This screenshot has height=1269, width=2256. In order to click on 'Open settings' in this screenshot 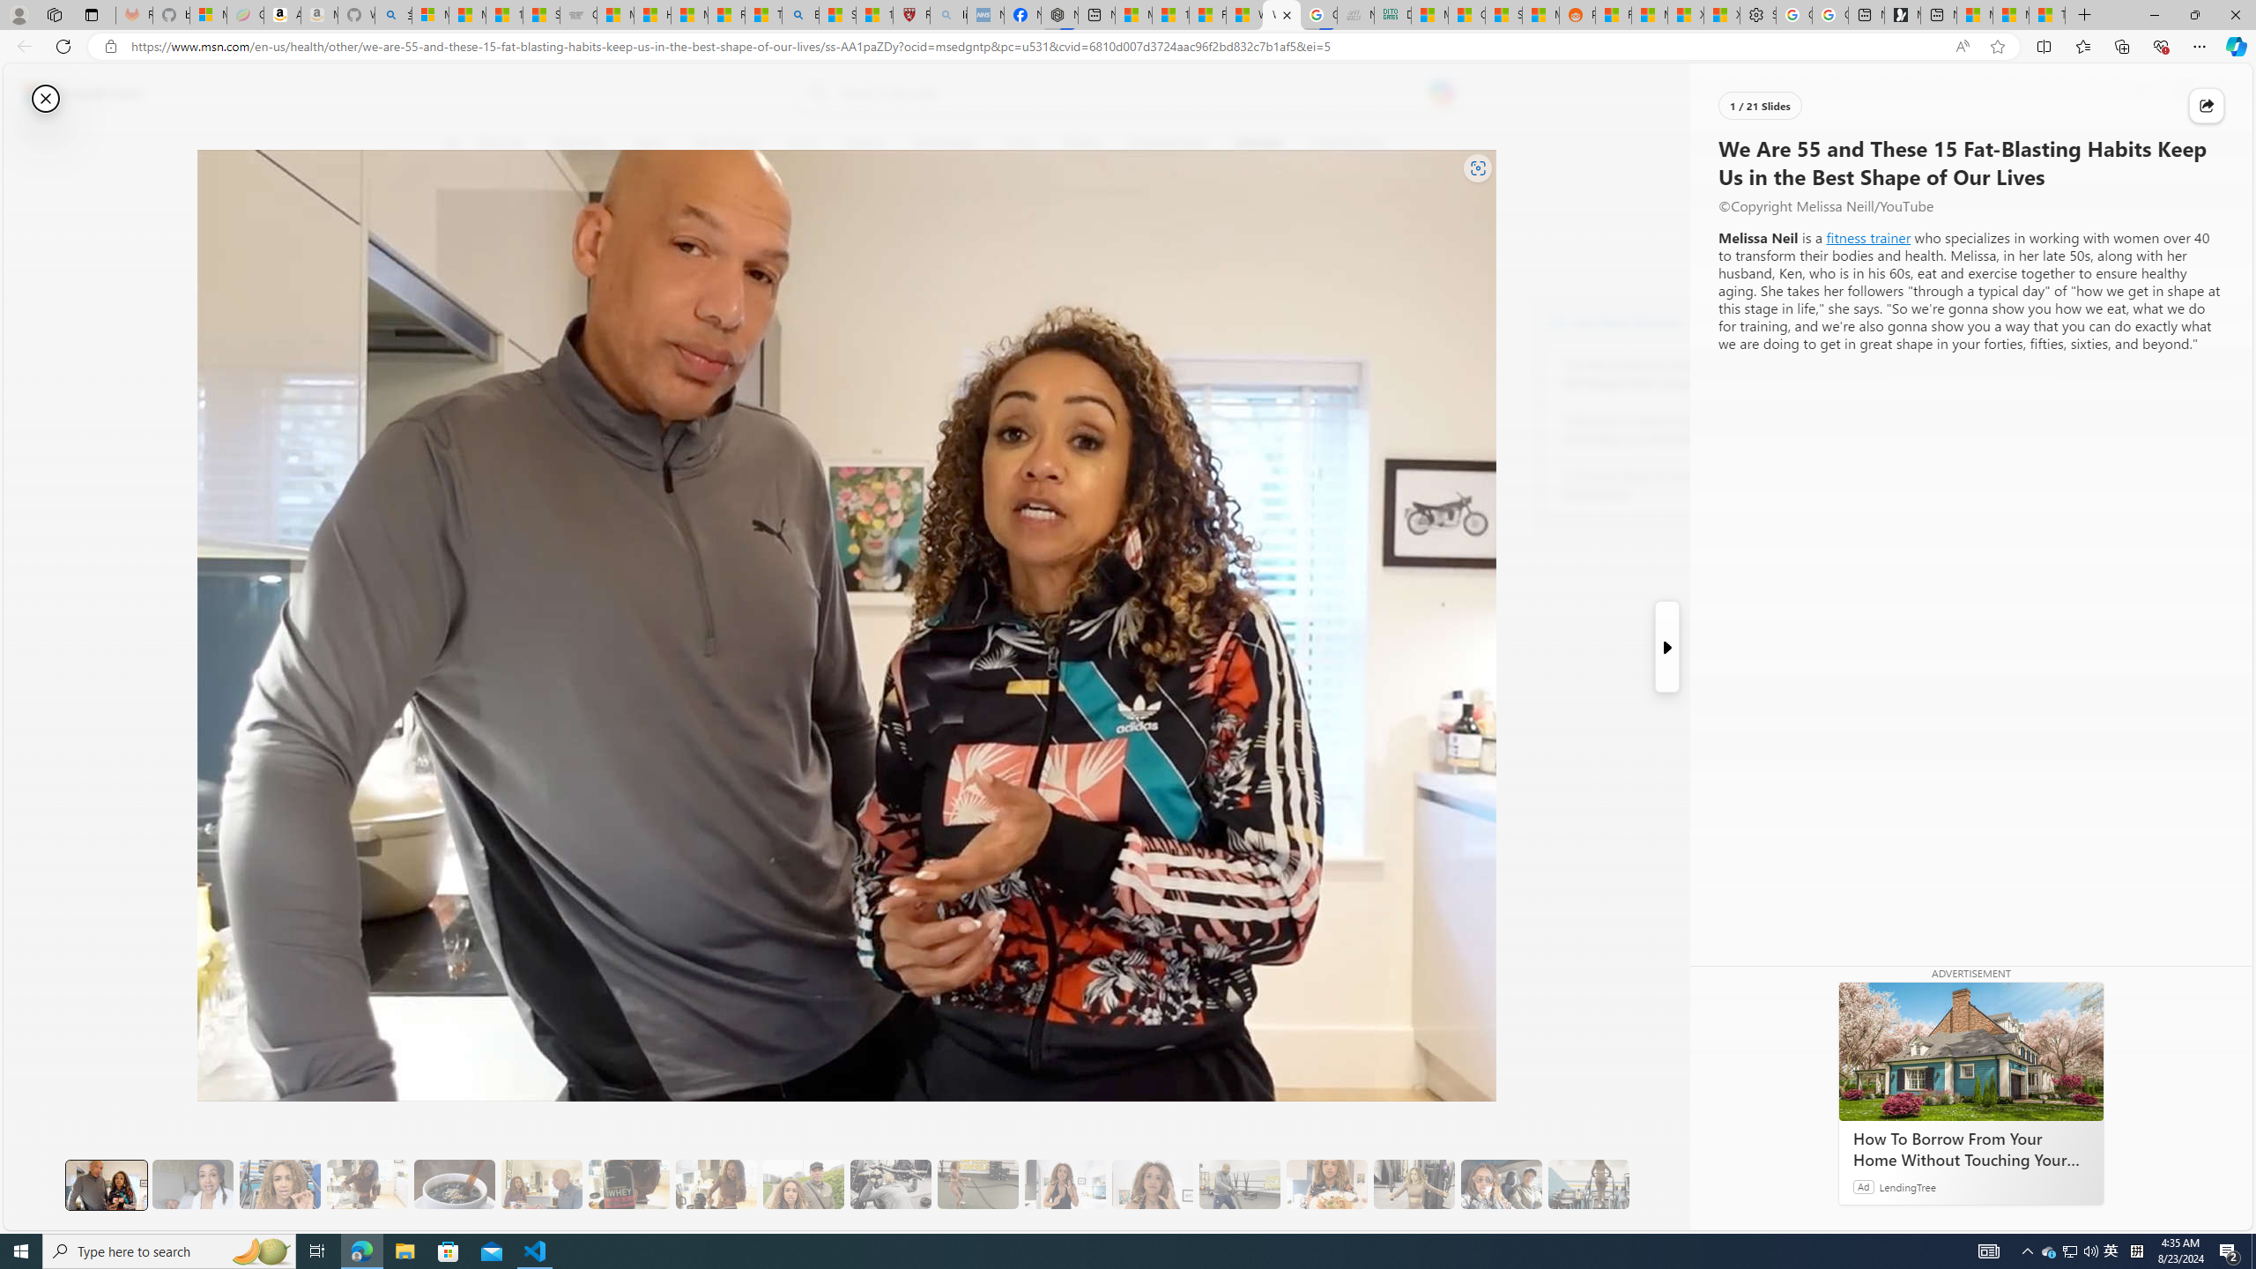, I will do `click(2213, 93)`.